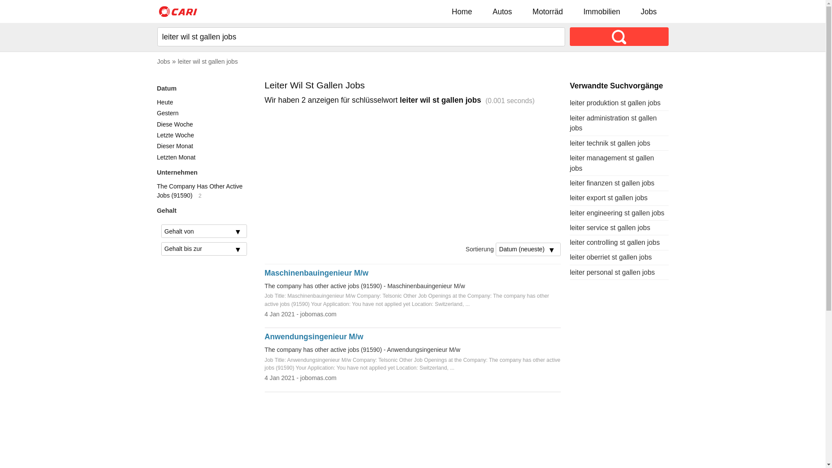  I want to click on 'Immobilien', so click(601, 11).